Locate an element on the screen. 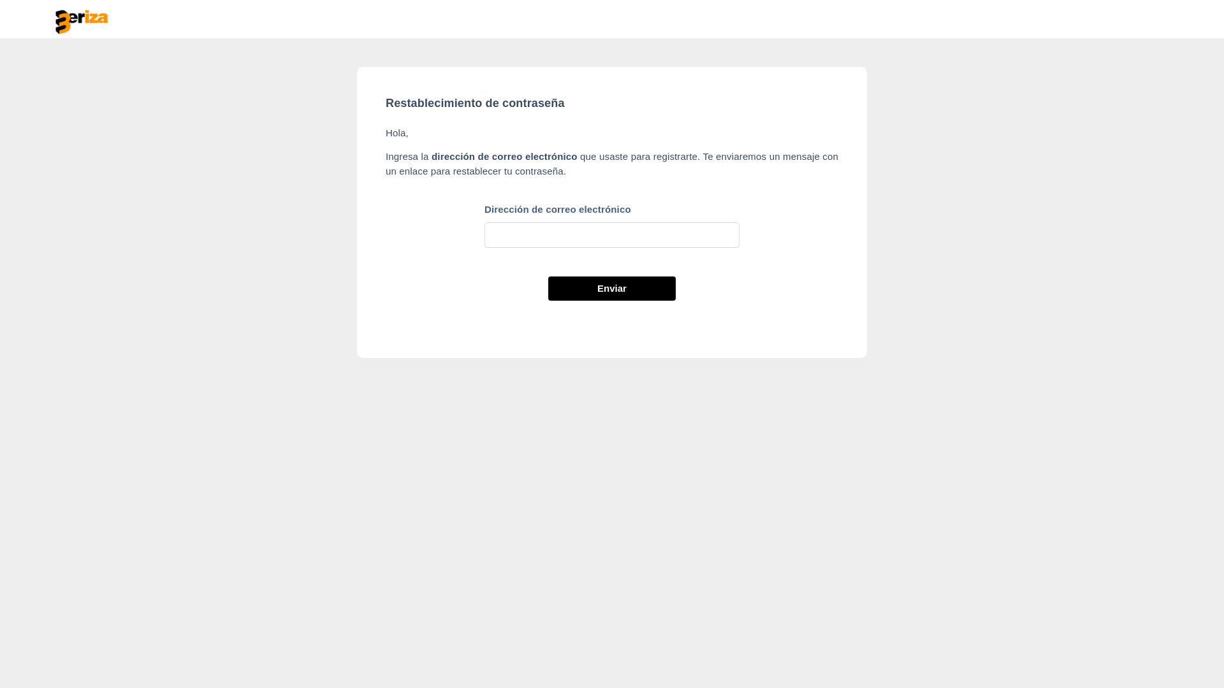  'Enviar' is located at coordinates (612, 288).